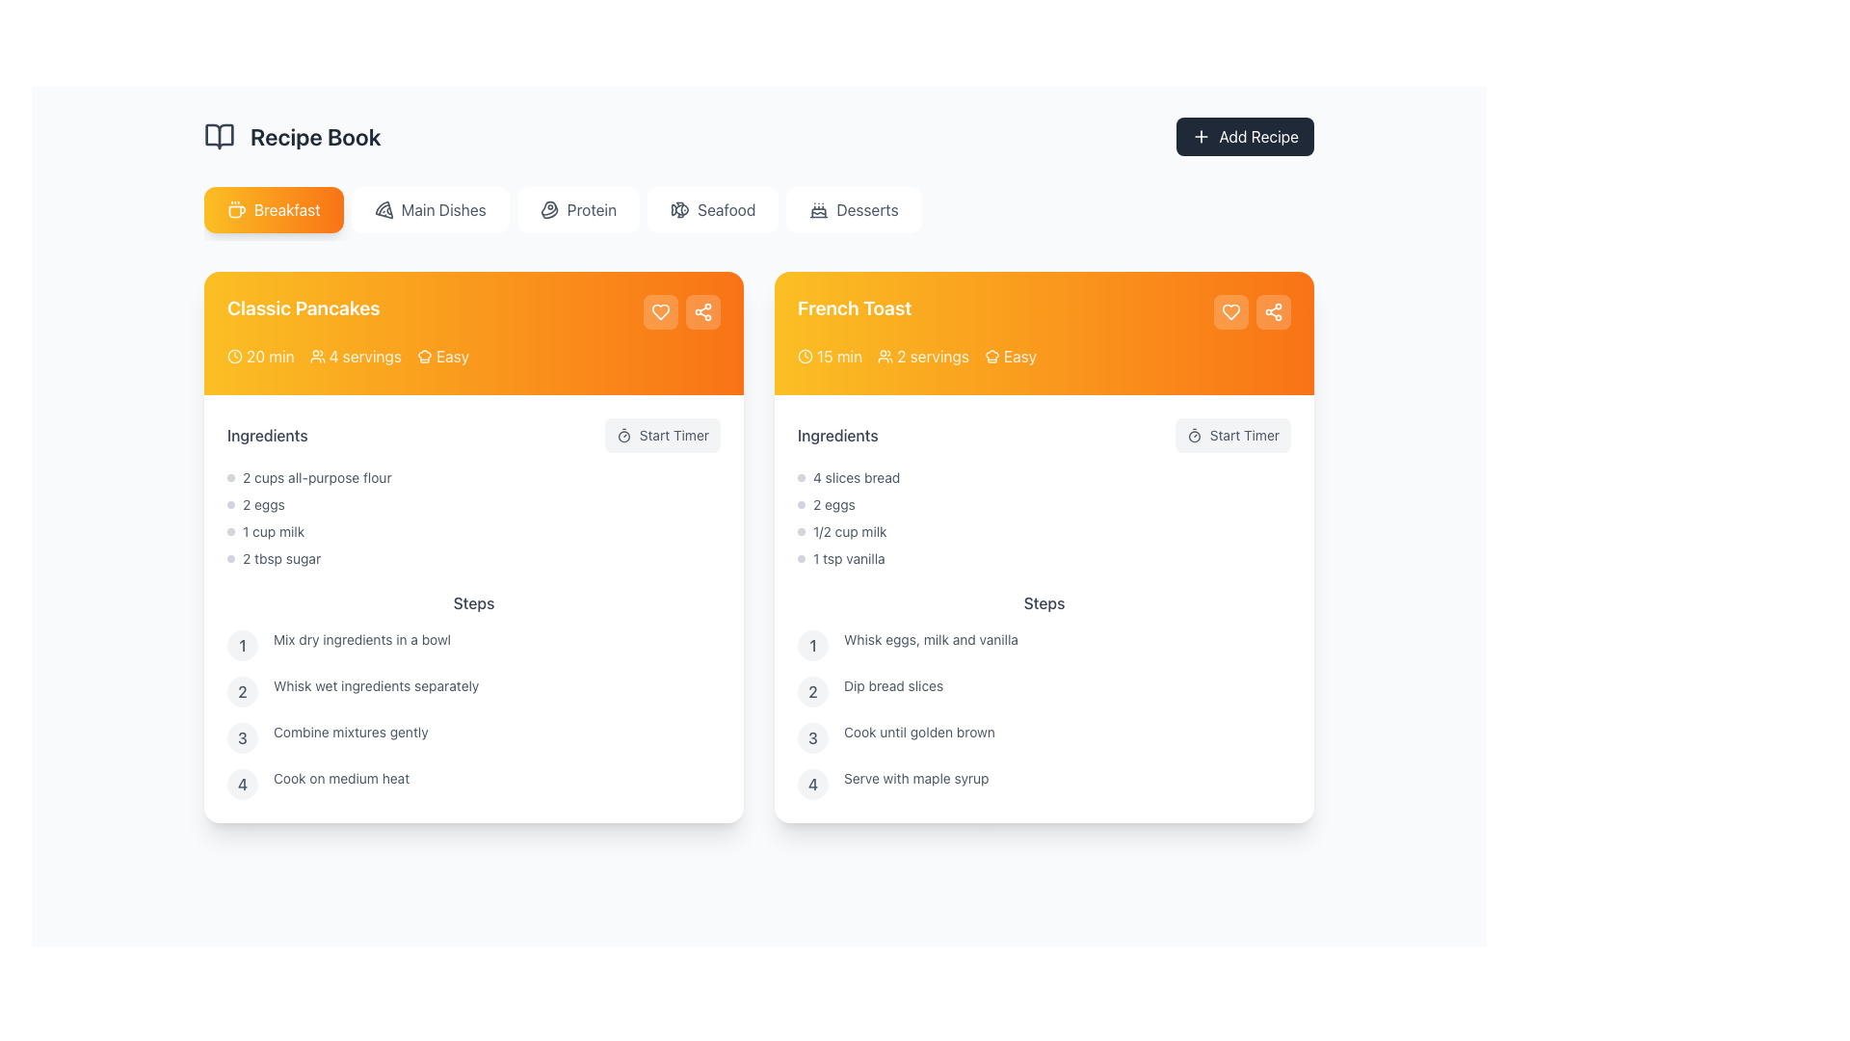 The height and width of the screenshot is (1041, 1850). I want to click on the text label displaying '2 eggs' in a small gray font, which is the second item under the 'Ingredients' section of the 'French Toast' recipe card, so click(833, 504).